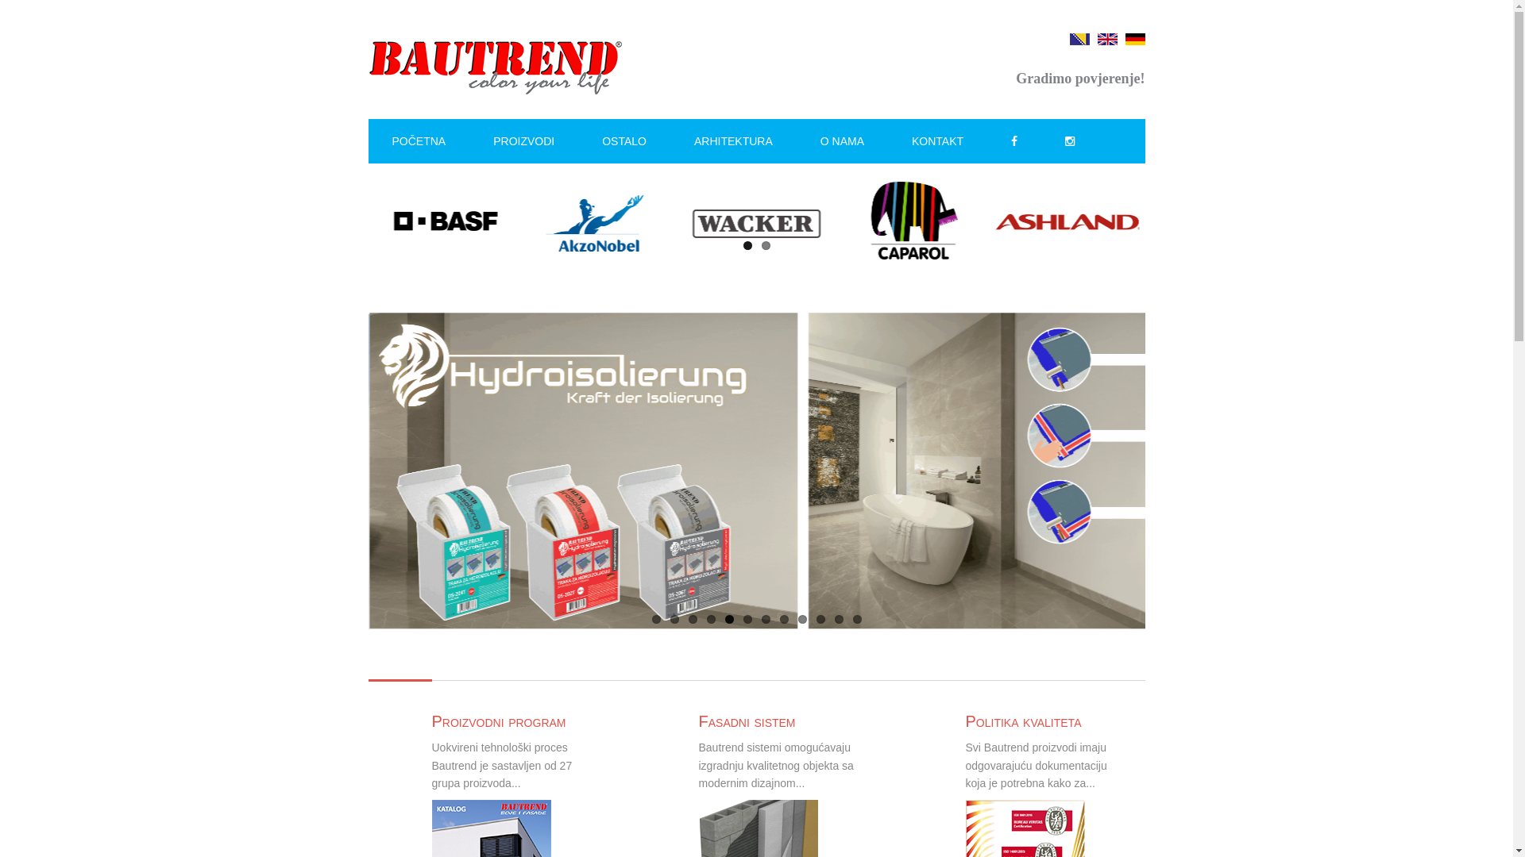 This screenshot has height=857, width=1525. Describe the element at coordinates (747, 245) in the screenshot. I see `'1'` at that location.